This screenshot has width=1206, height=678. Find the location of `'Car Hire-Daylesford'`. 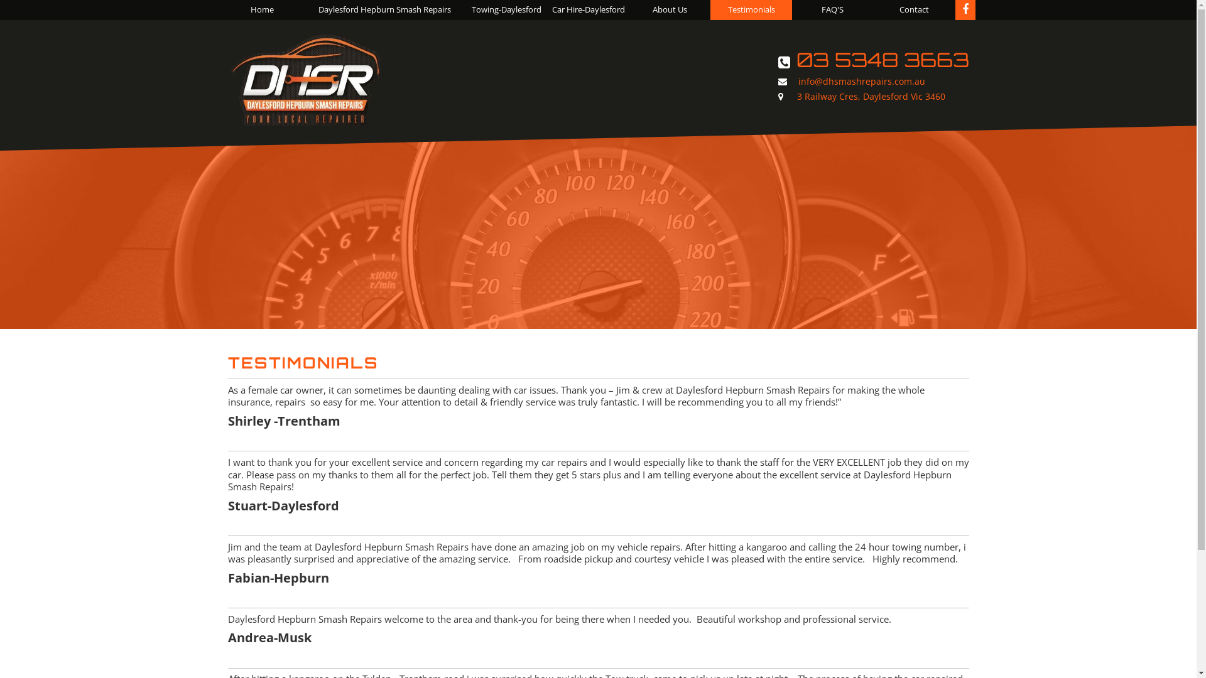

'Car Hire-Daylesford' is located at coordinates (587, 9).